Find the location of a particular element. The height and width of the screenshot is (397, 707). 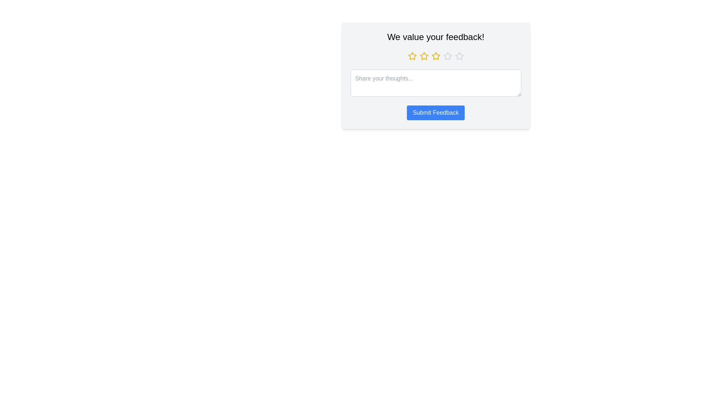

the fifth star-shaped icon in the rating system is located at coordinates (459, 56).